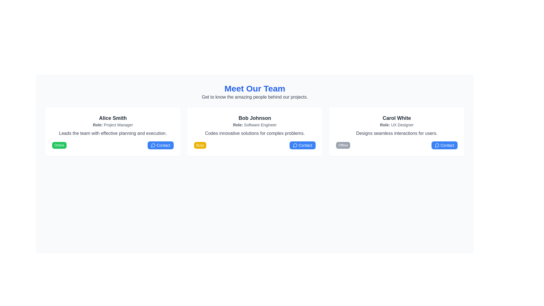 This screenshot has height=306, width=544. What do you see at coordinates (254, 97) in the screenshot?
I see `the text label located beneath the 'Meet Our Team' headline, which serves to encourage users` at bounding box center [254, 97].